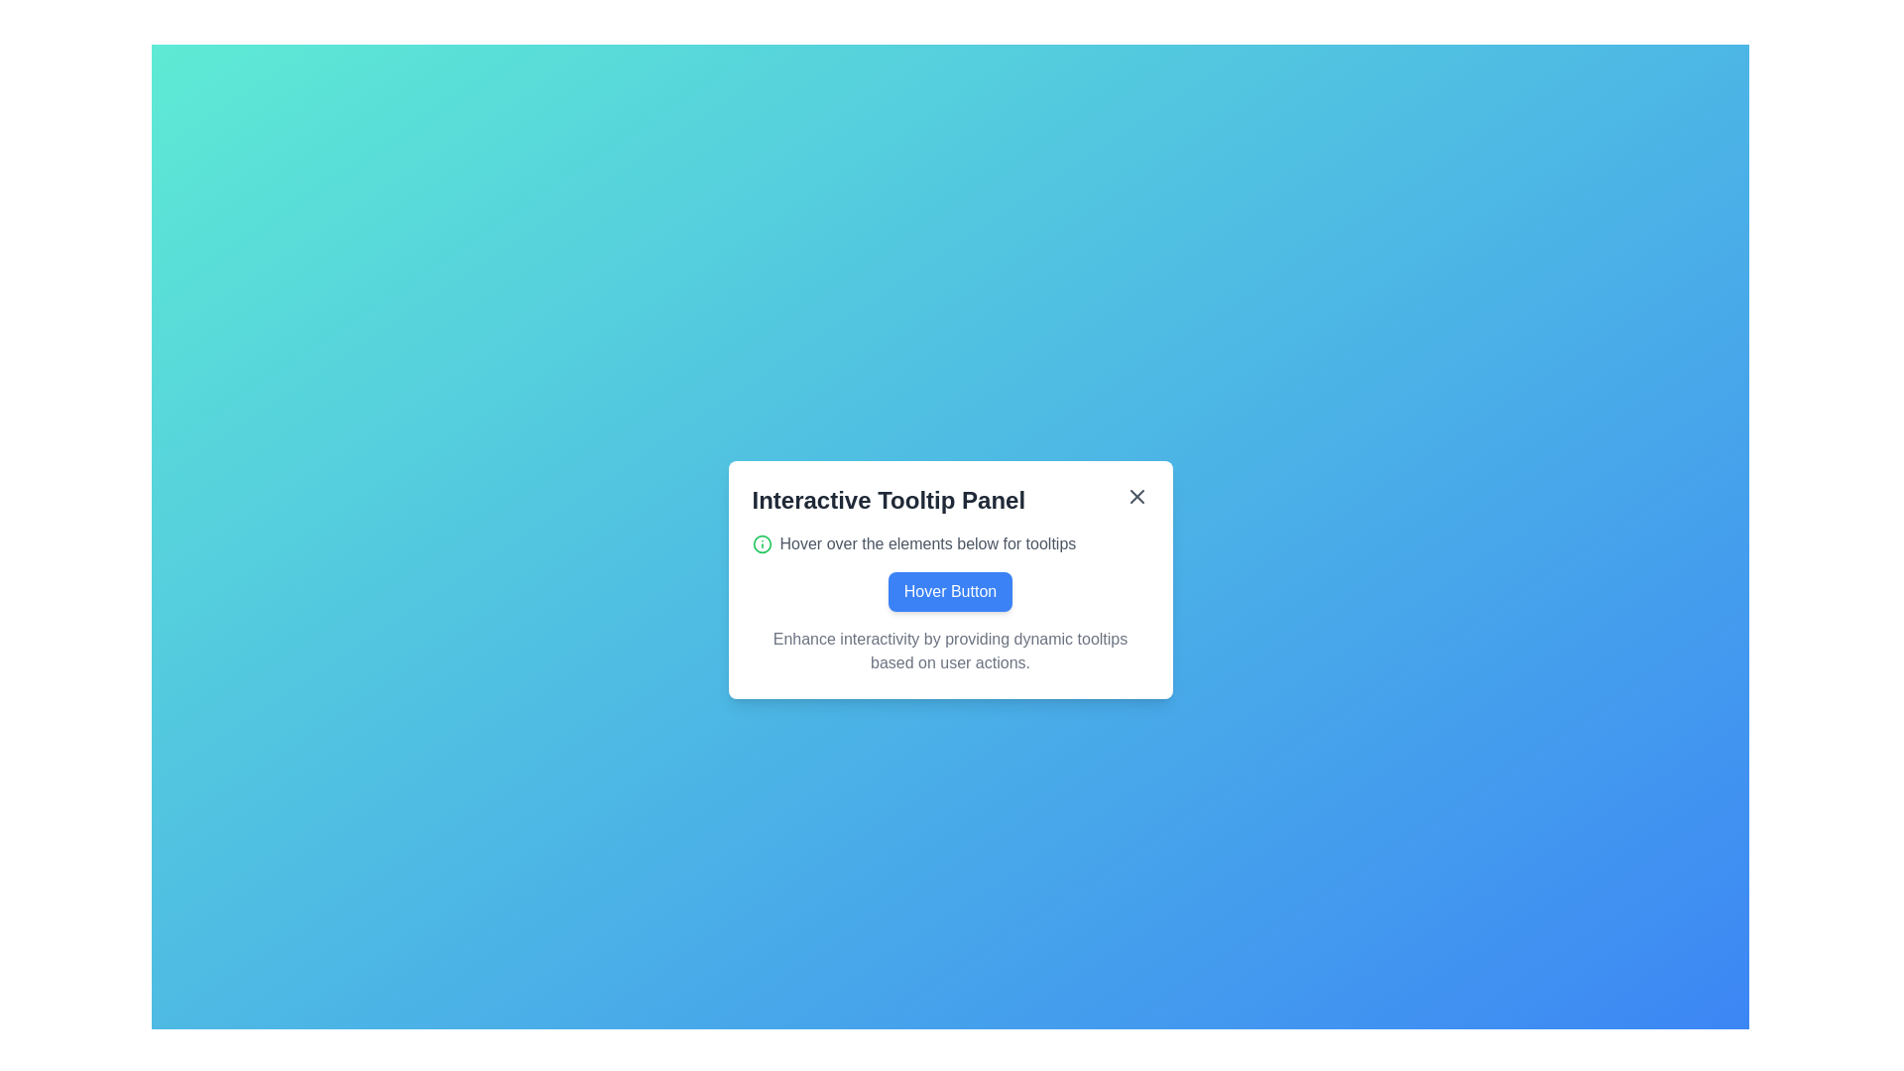 The width and height of the screenshot is (1904, 1071). Describe the element at coordinates (949, 591) in the screenshot. I see `the 'Hover Button' which is a rectangular button with rounded corners, blue background, and white text, located centrally within a modal dialog box` at that location.